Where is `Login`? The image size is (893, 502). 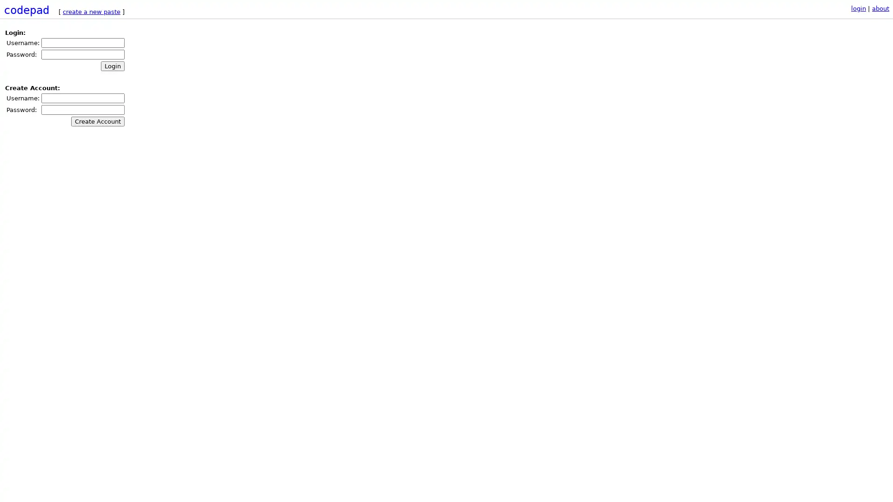 Login is located at coordinates (112, 66).